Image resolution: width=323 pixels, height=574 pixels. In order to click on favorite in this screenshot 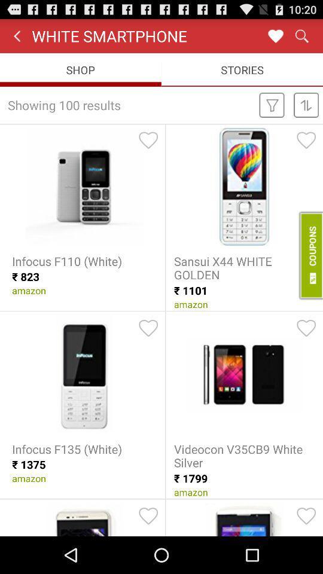, I will do `click(306, 140)`.